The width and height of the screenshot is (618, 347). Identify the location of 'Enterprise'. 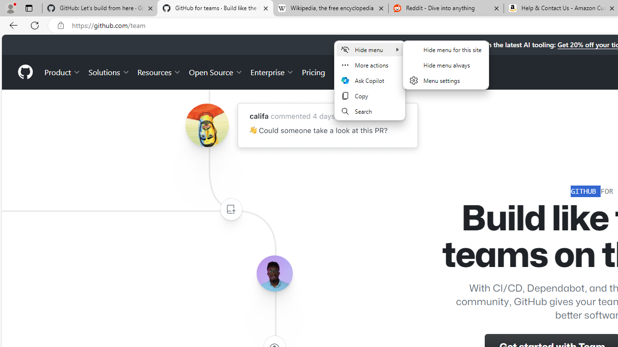
(271, 71).